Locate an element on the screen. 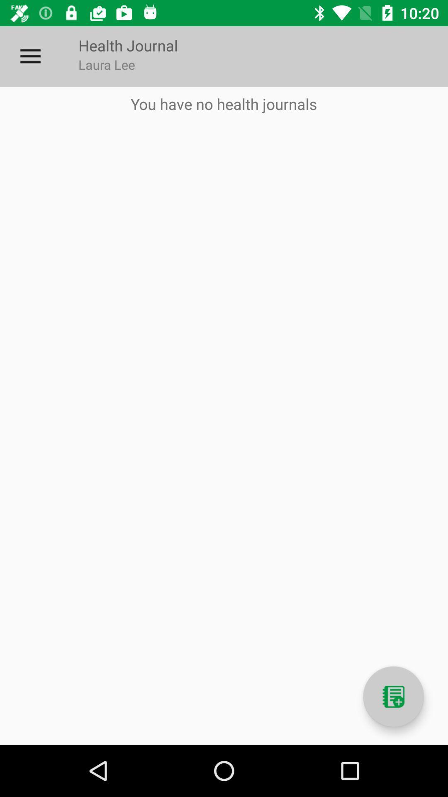 This screenshot has width=448, height=797. journal is located at coordinates (393, 697).